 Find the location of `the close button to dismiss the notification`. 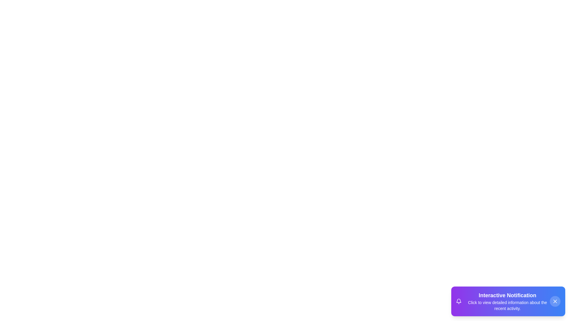

the close button to dismiss the notification is located at coordinates (555, 301).